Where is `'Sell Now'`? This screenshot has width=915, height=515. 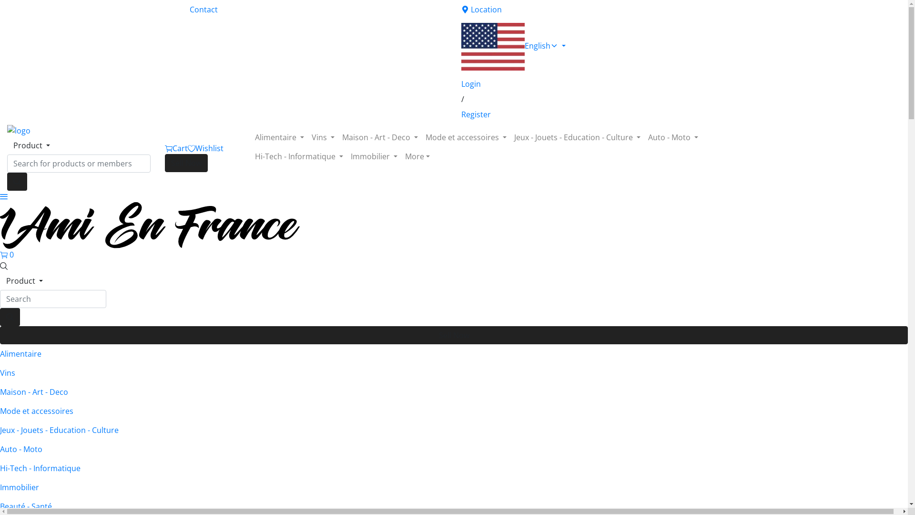
'Sell Now' is located at coordinates (453, 334).